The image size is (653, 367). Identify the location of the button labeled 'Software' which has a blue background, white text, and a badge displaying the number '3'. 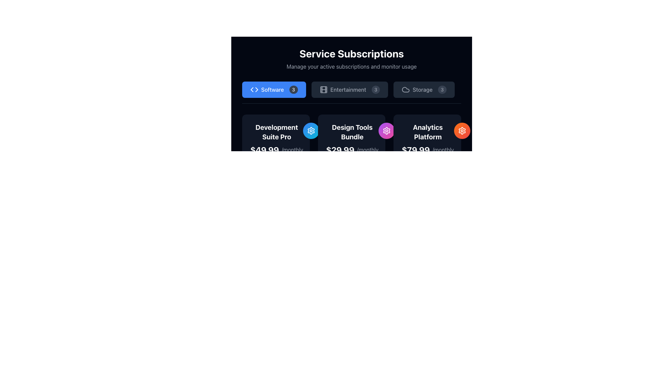
(274, 89).